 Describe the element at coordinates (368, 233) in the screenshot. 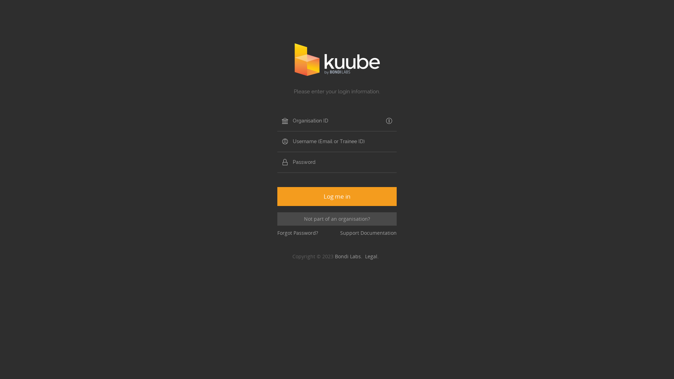

I see `'Support Documentation'` at that location.